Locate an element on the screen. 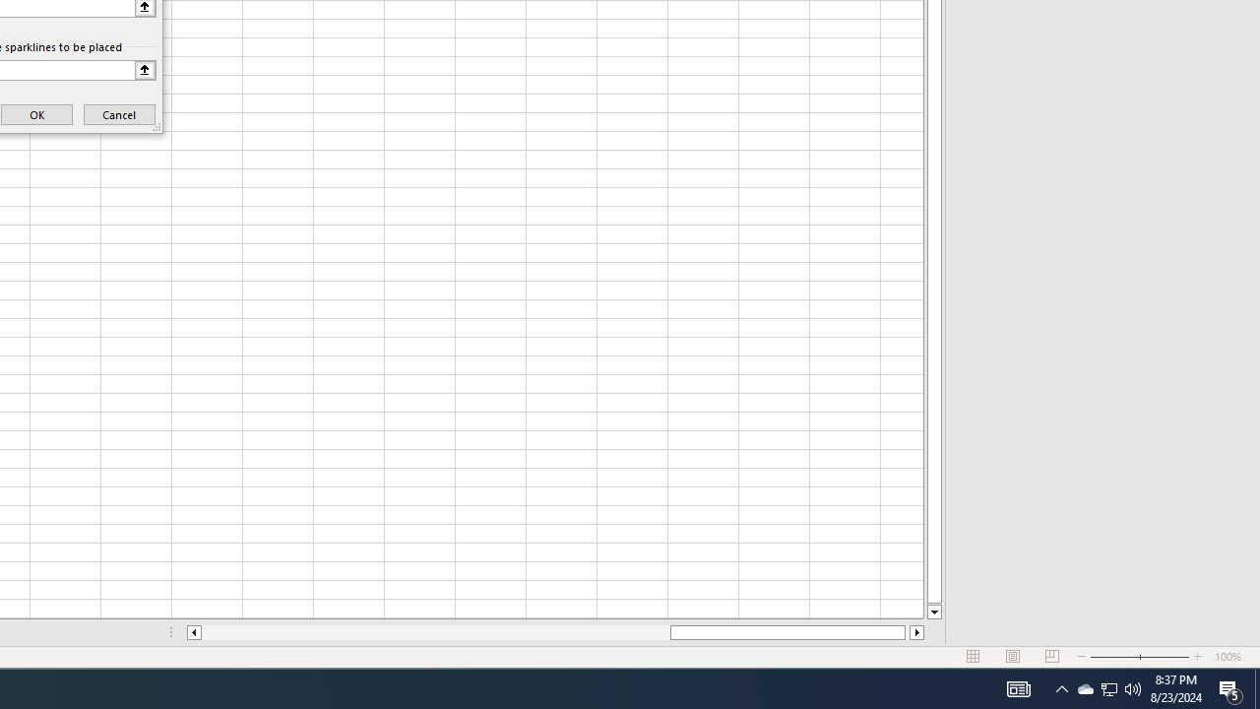 The width and height of the screenshot is (1260, 709). 'Normal' is located at coordinates (973, 657).